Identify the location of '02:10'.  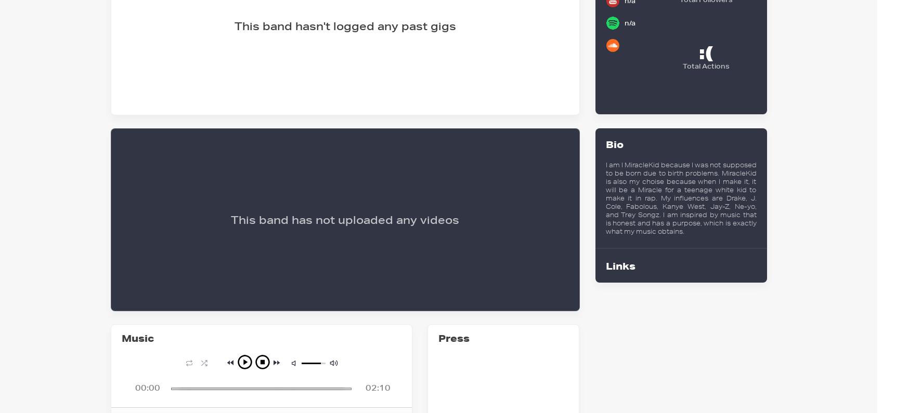
(378, 387).